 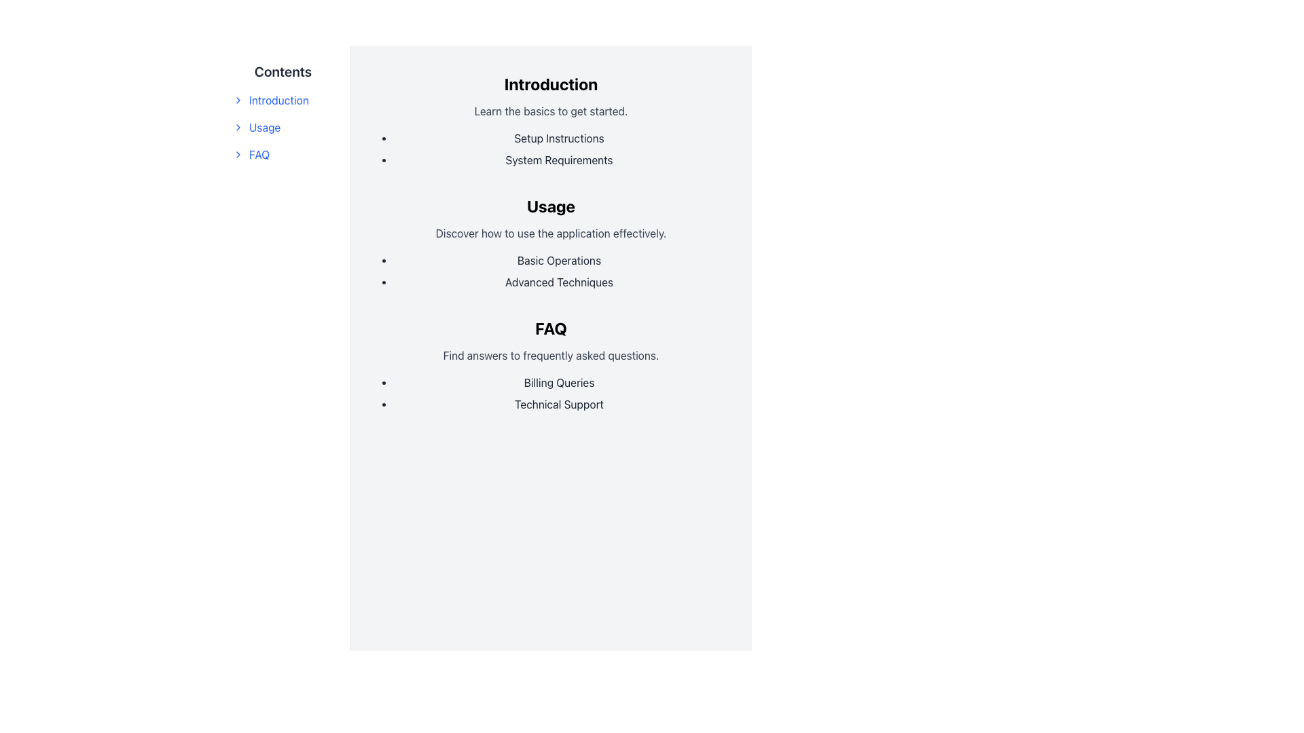 What do you see at coordinates (551, 271) in the screenshot?
I see `the bulleted list entries 'Basic Operations' and 'Advanced Techniques' located under the 'Usage' header to potentially see additional information or a tooltip` at bounding box center [551, 271].